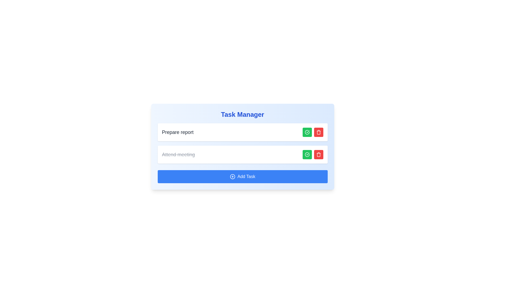 Image resolution: width=523 pixels, height=294 pixels. I want to click on the delete button located on the right side of the task item row titled 'Prepare report', so click(318, 132).